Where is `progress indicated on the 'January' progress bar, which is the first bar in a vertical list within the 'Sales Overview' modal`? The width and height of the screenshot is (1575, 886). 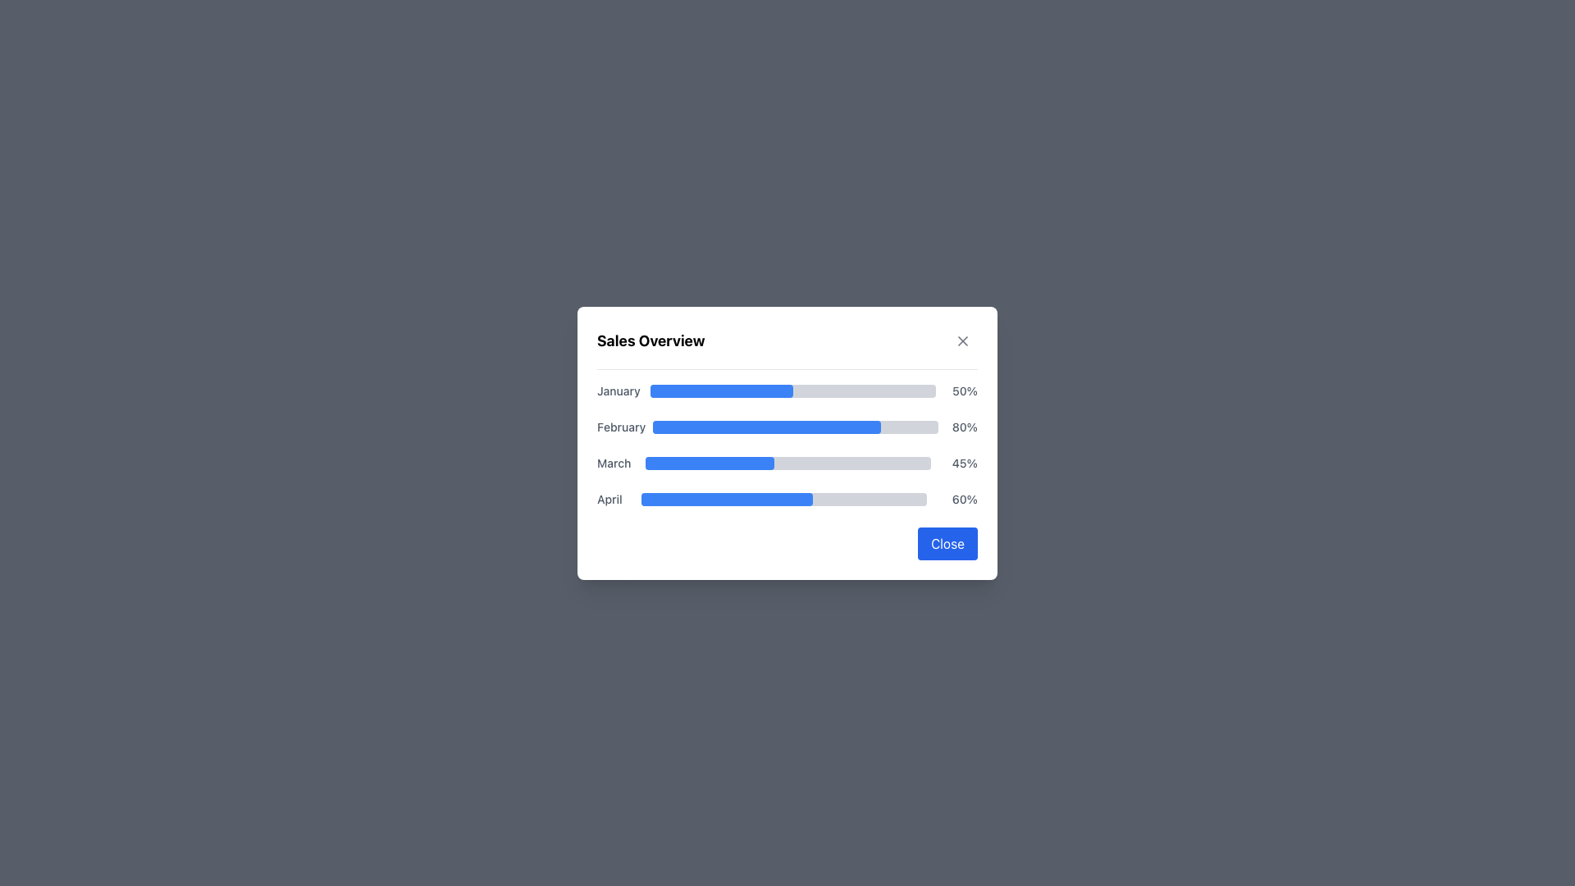
progress indicated on the 'January' progress bar, which is the first bar in a vertical list within the 'Sales Overview' modal is located at coordinates (787, 390).